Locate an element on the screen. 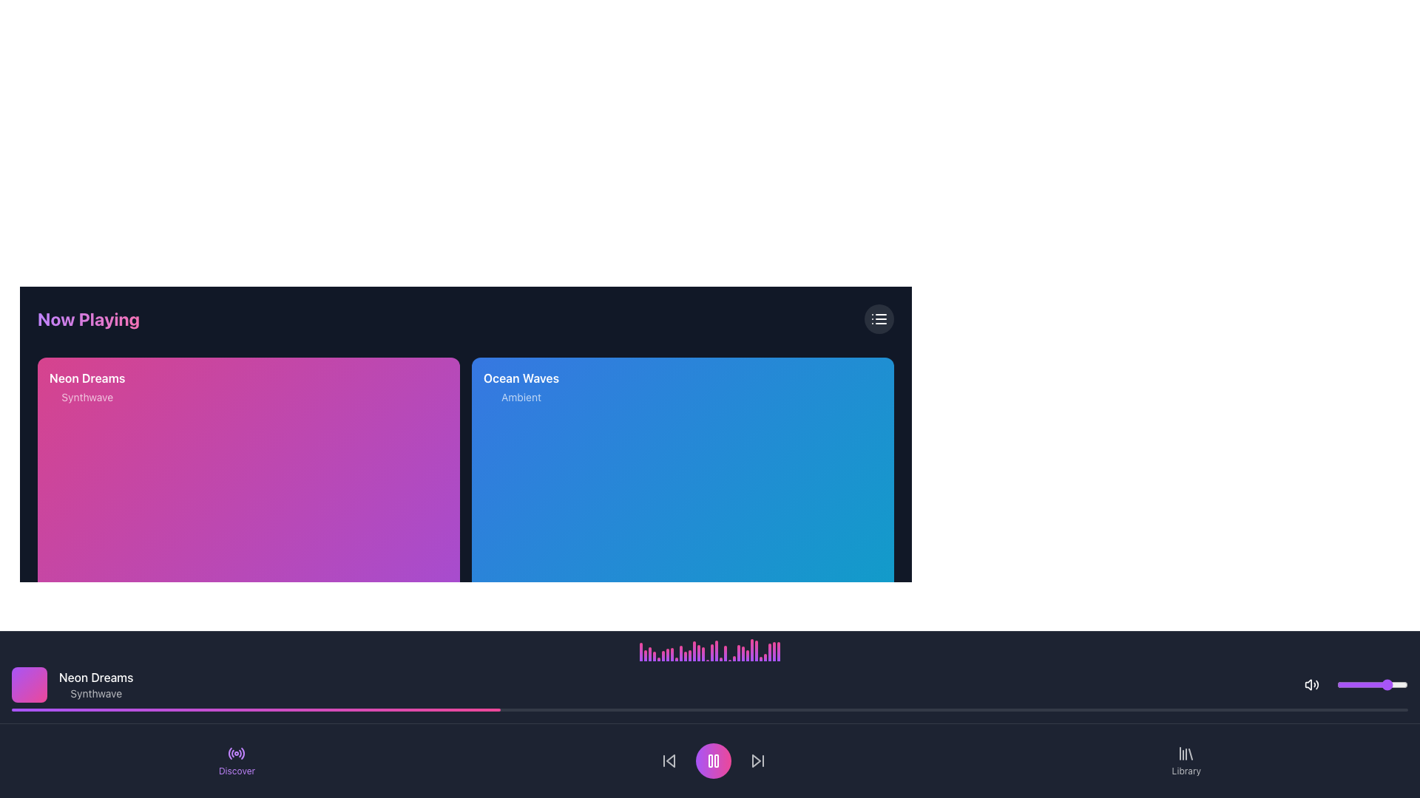 The height and width of the screenshot is (798, 1420). the forward navigation button with a triangular arrow pointing to the right to skip to the next track is located at coordinates (757, 760).